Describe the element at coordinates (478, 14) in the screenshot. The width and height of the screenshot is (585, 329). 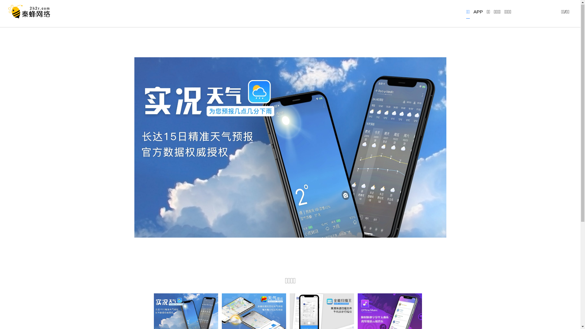
I see `'APP'` at that location.